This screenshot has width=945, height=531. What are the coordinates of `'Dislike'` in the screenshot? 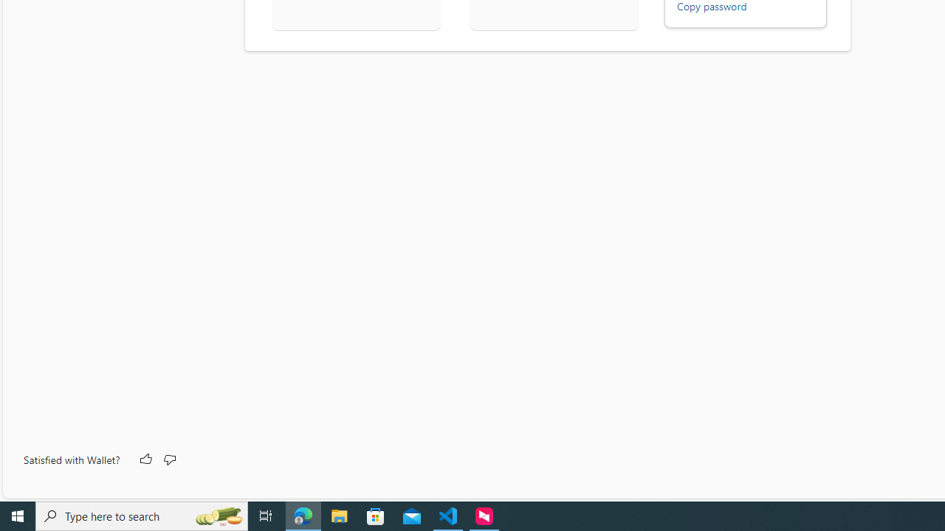 It's located at (169, 459).